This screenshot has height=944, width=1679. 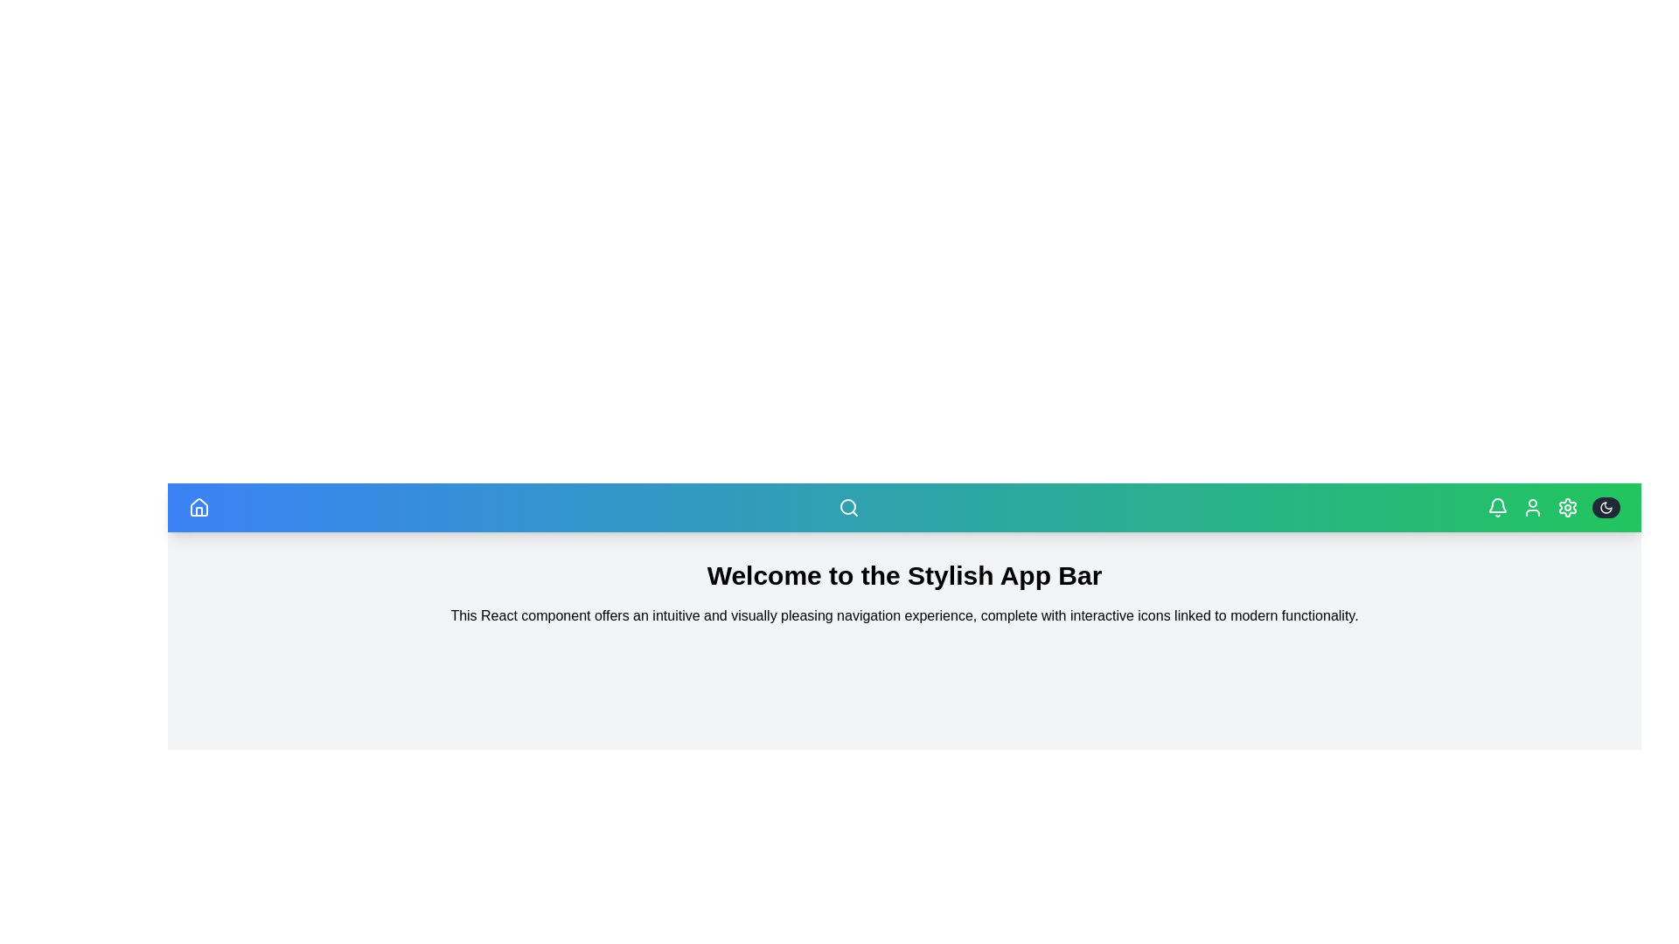 I want to click on the search icon to initiate a search, so click(x=848, y=508).